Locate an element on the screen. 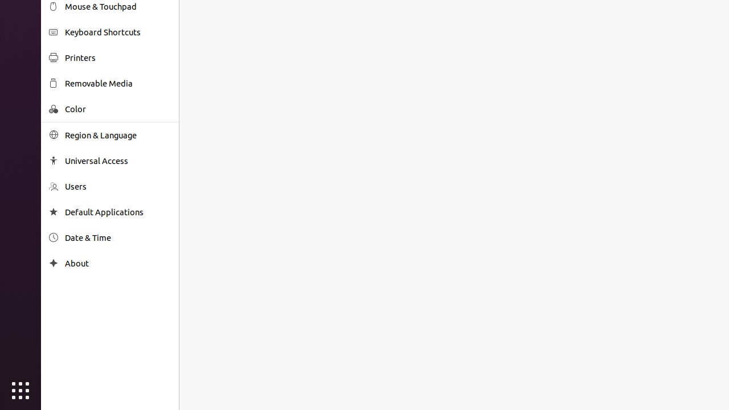  'About' is located at coordinates (117, 263).